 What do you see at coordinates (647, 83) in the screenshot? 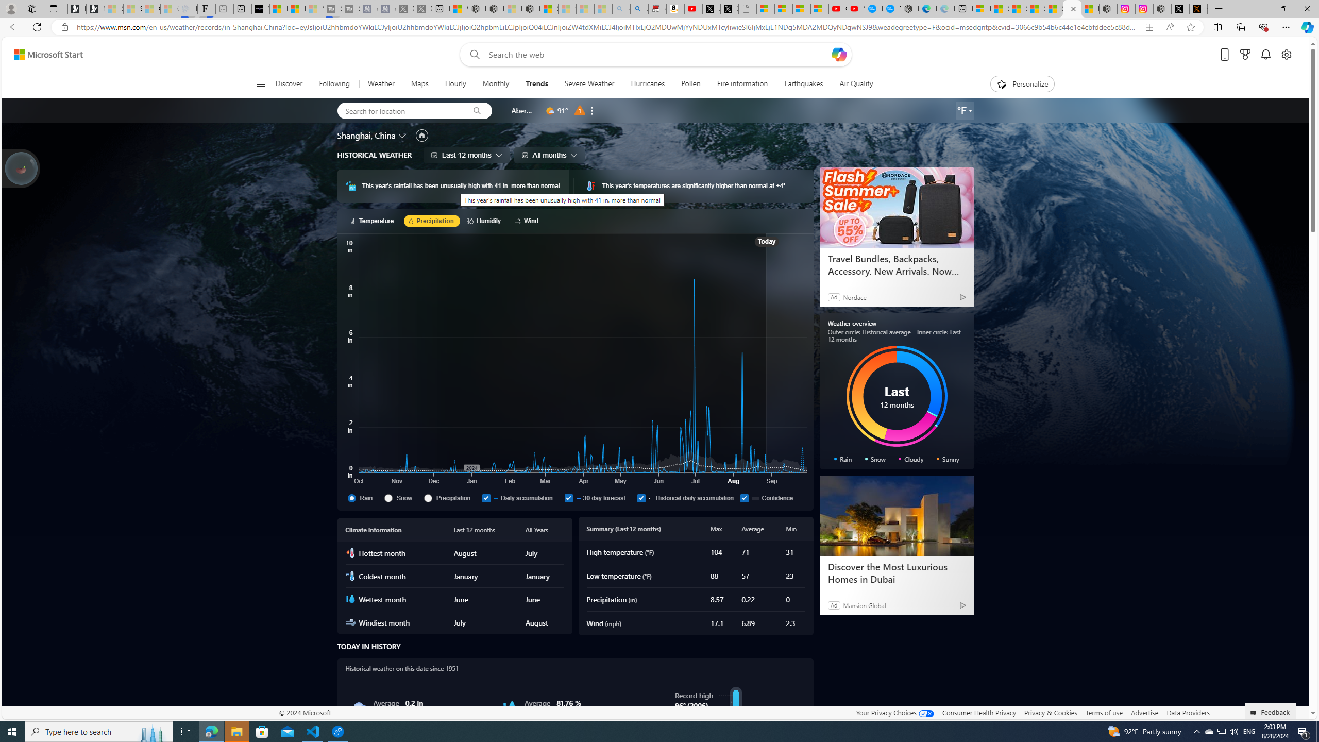
I see `'Hurricanes'` at bounding box center [647, 83].